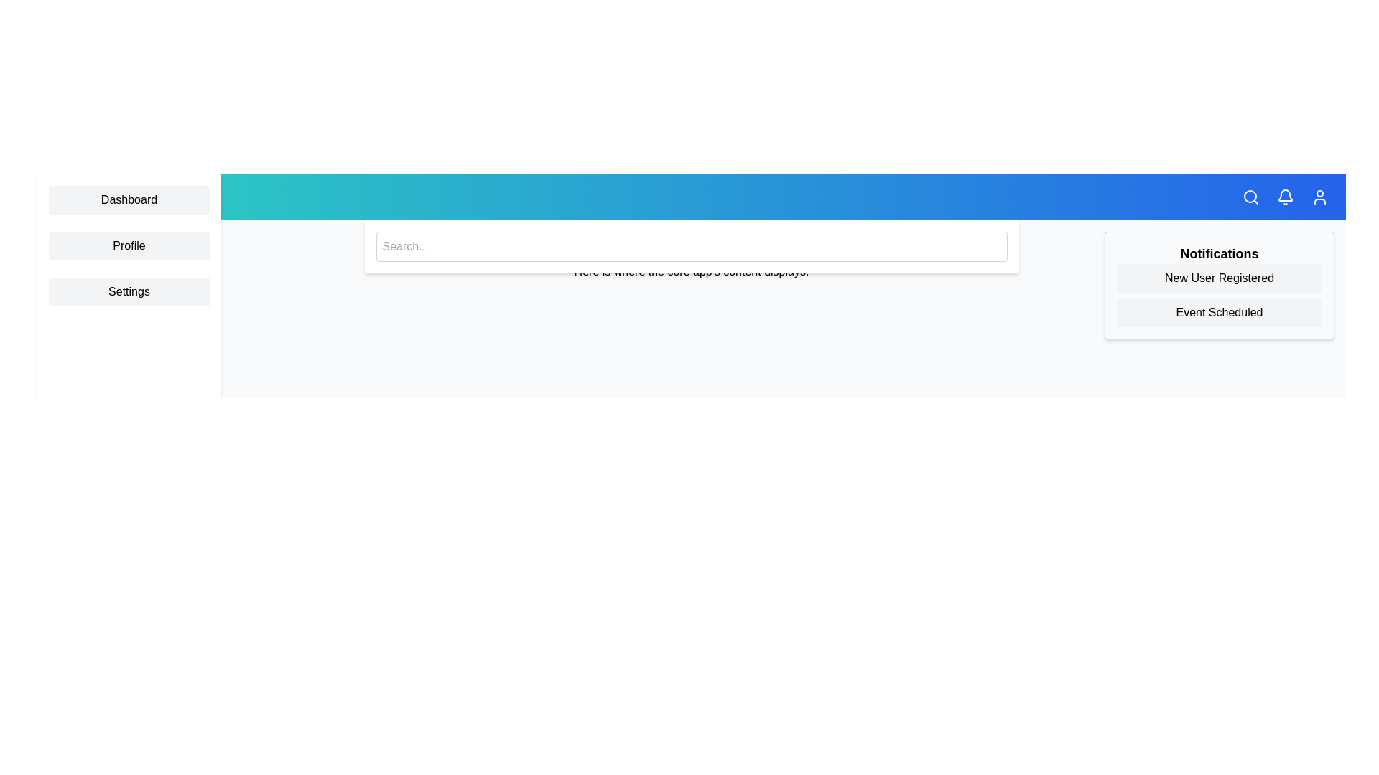 The image size is (1379, 775). I want to click on the user silhouette icon in the top-right corner of the interface, so click(1320, 197).